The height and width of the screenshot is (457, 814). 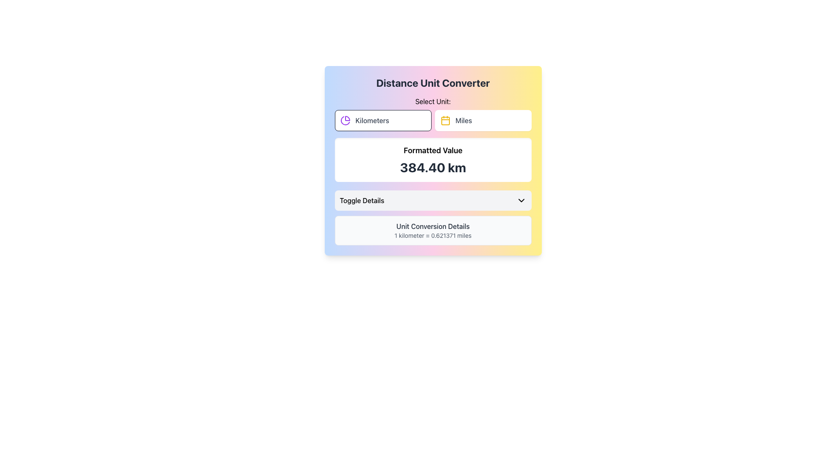 I want to click on the toggle button located centrally above the description box, so click(x=433, y=201).